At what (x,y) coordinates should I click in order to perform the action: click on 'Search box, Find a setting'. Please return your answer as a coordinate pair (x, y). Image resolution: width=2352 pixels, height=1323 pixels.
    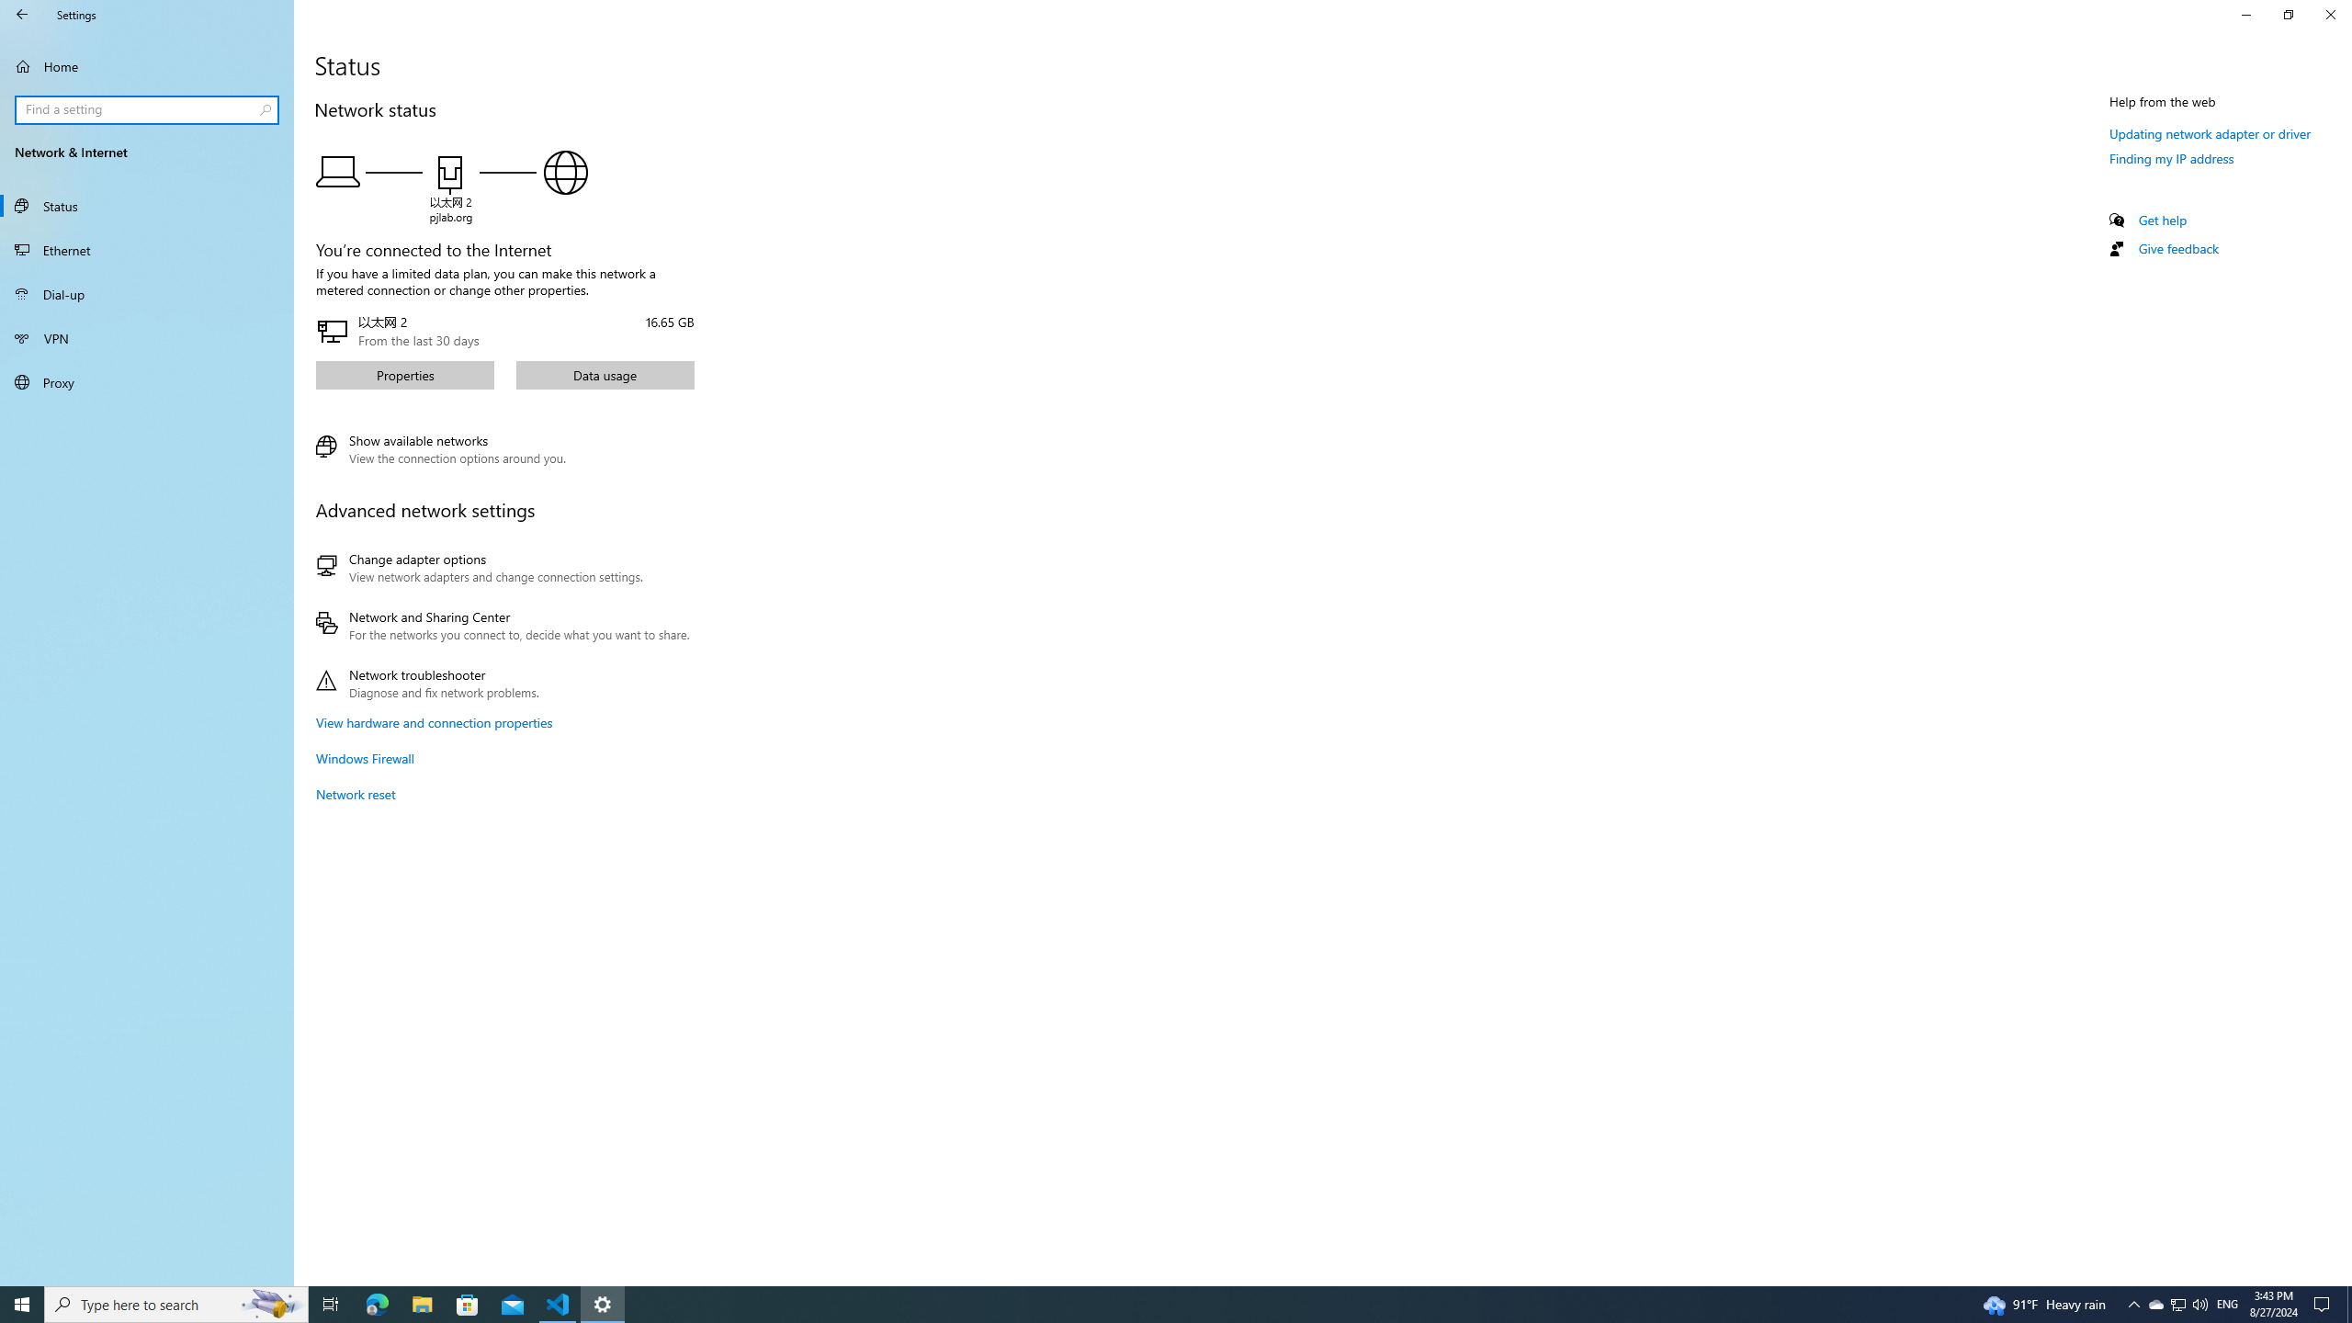
    Looking at the image, I should click on (147, 108).